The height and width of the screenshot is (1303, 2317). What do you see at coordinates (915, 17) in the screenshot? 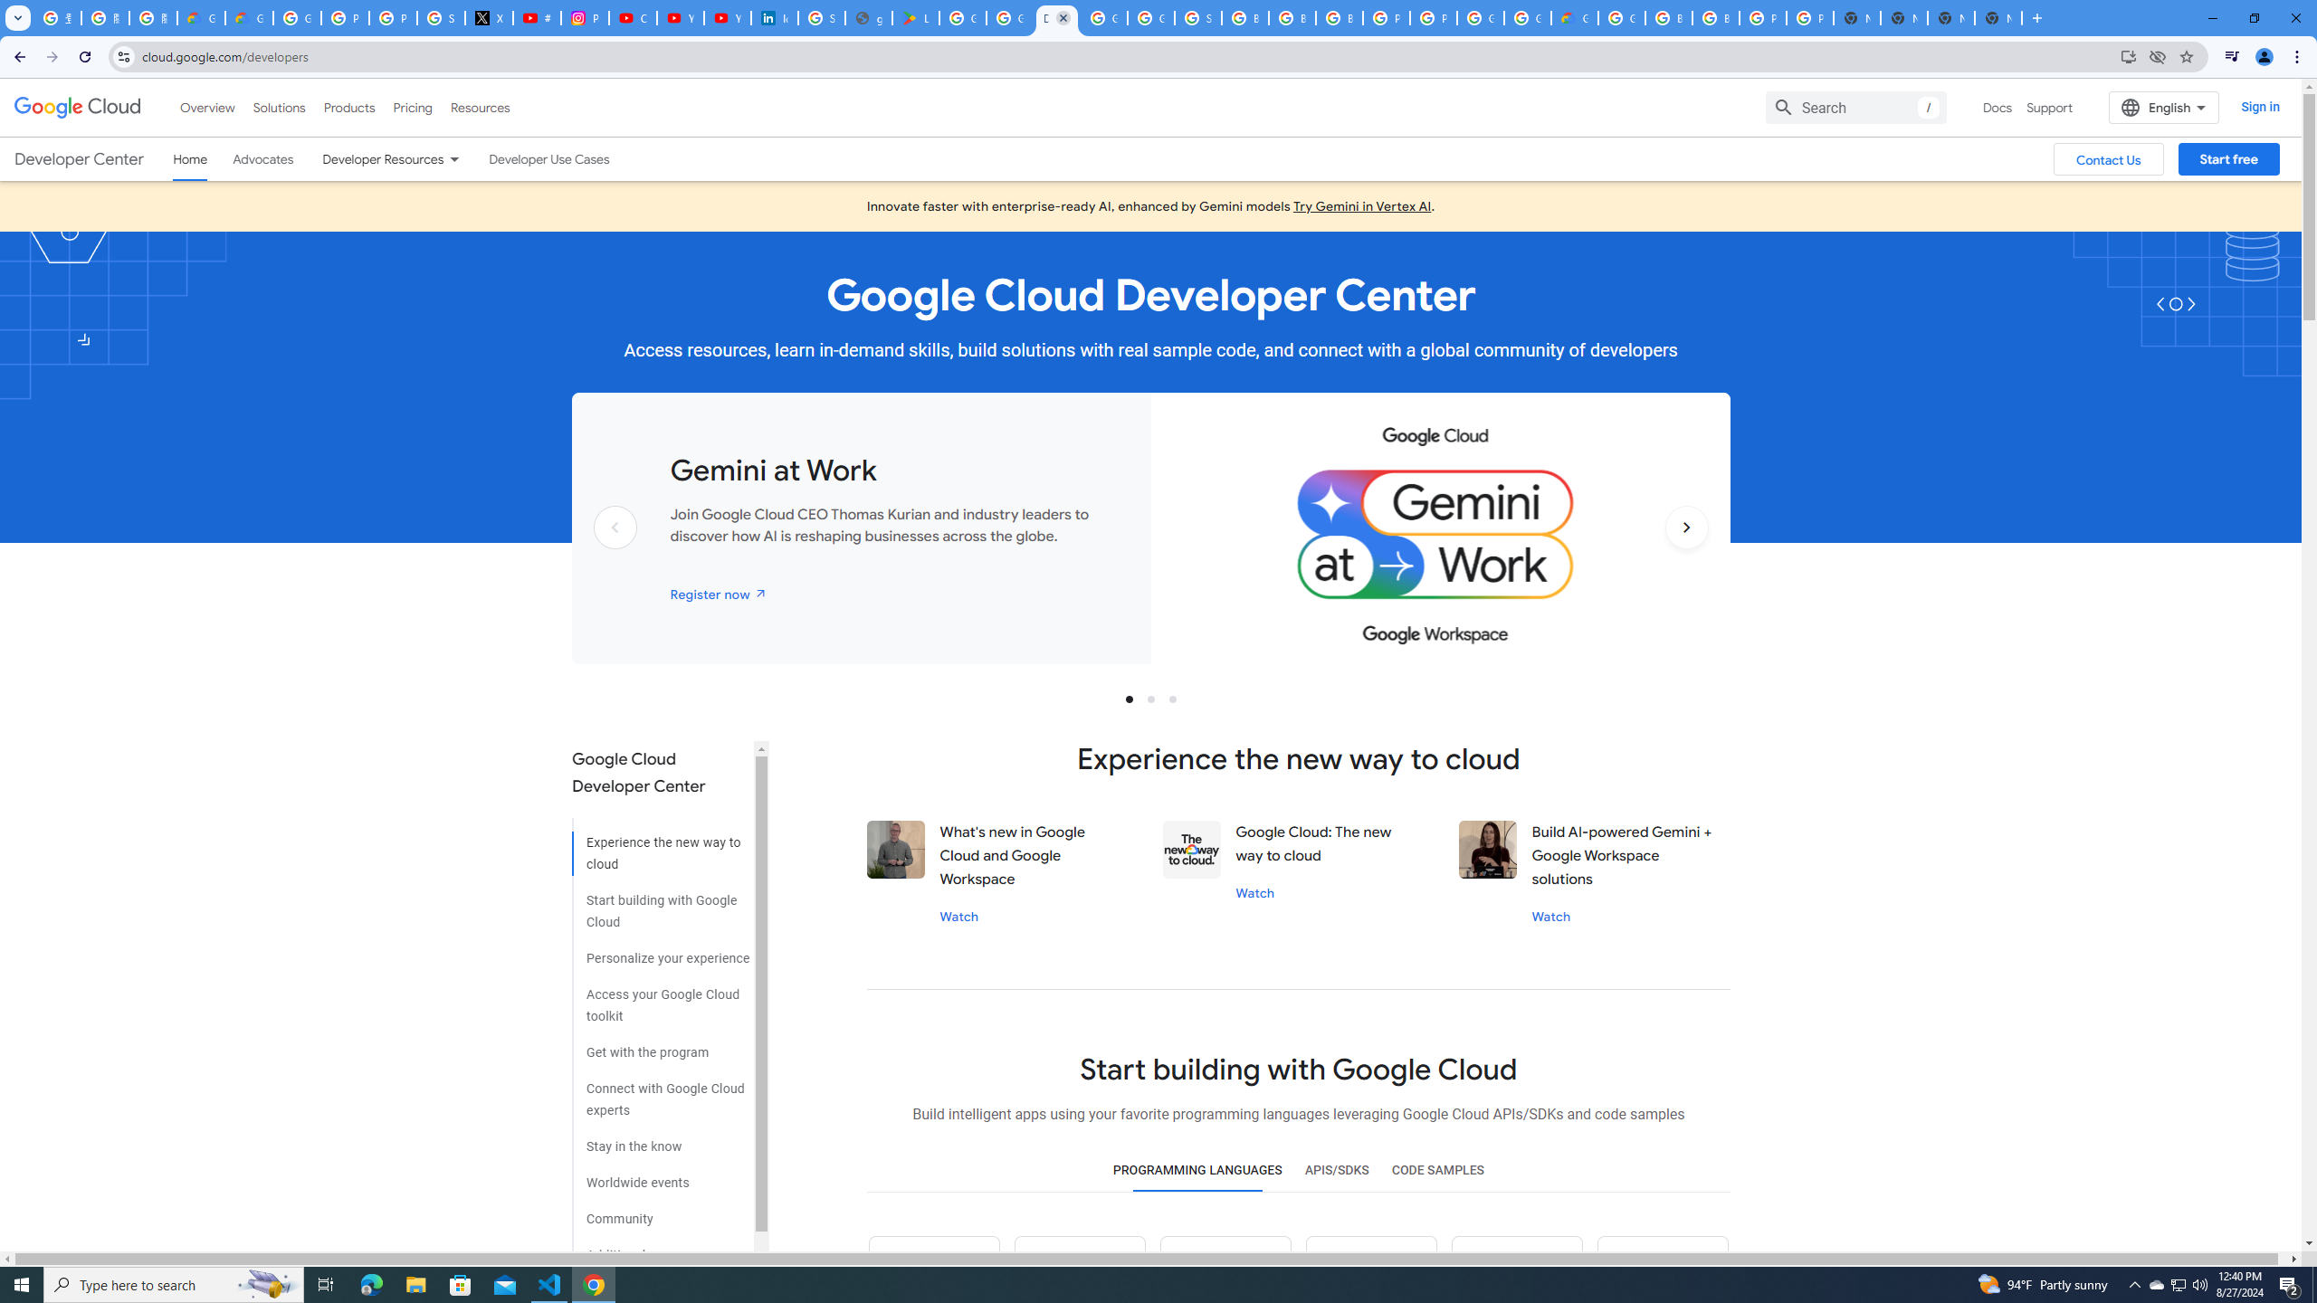
I see `'Last Shelter: Survival - Apps on Google Play'` at bounding box center [915, 17].